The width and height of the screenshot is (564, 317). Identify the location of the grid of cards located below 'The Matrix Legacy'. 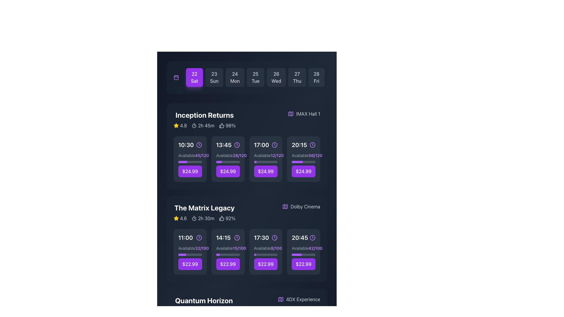
(247, 251).